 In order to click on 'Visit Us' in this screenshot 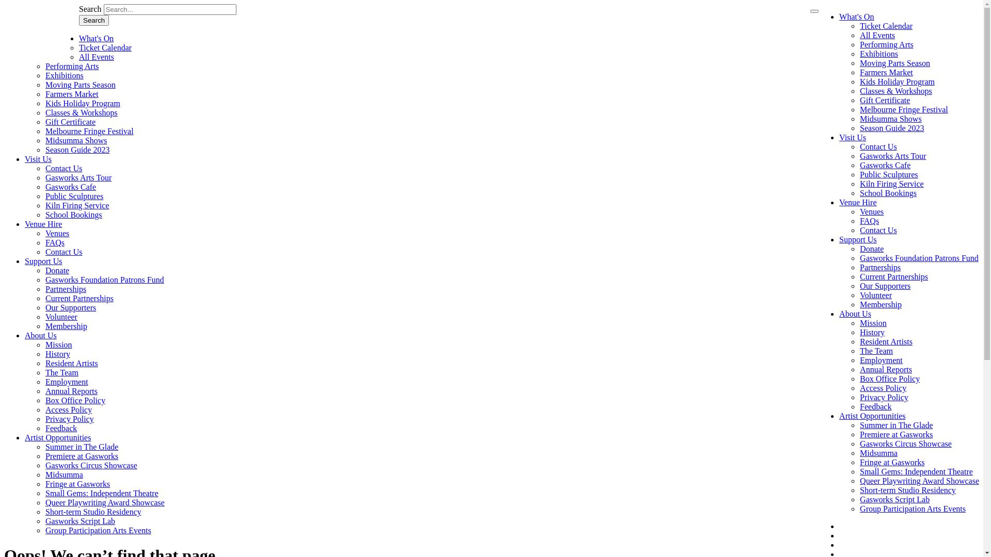, I will do `click(38, 159)`.